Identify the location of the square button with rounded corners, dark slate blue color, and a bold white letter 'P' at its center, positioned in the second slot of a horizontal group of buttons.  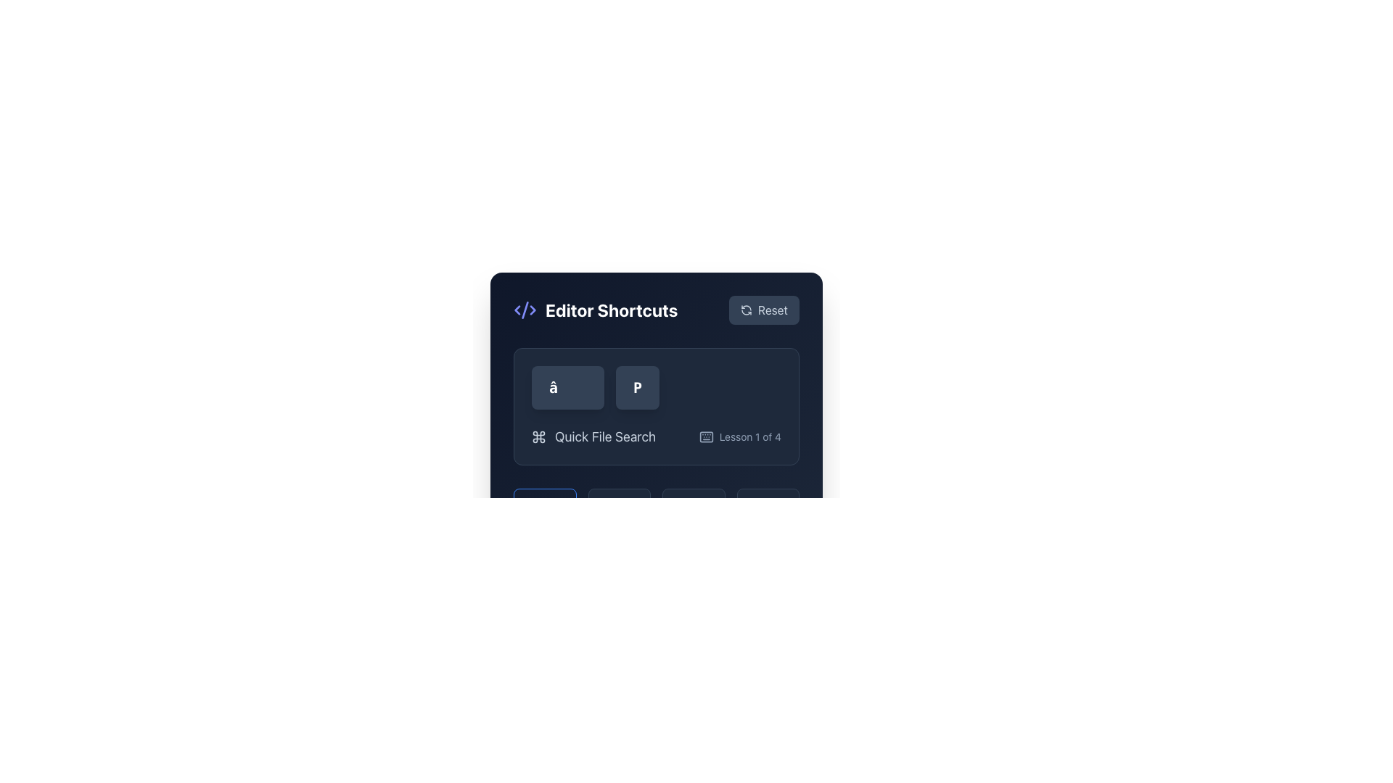
(637, 387).